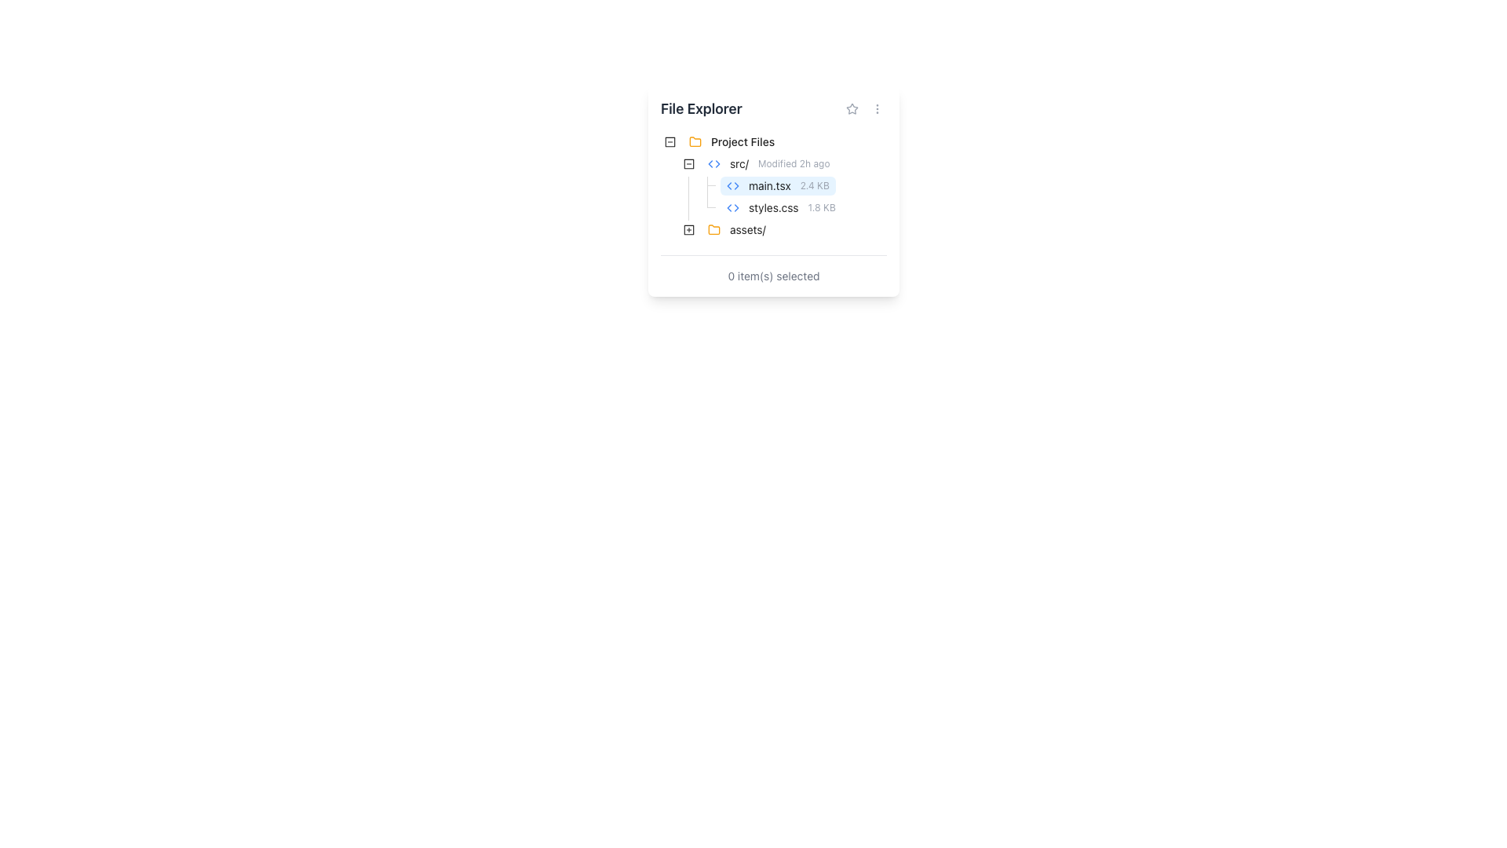 The image size is (1507, 848). Describe the element at coordinates (726, 142) in the screenshot. I see `the 'Project Files' Tree item, which is represented by an orange folder icon and labeled with the text 'Project Files'` at that location.